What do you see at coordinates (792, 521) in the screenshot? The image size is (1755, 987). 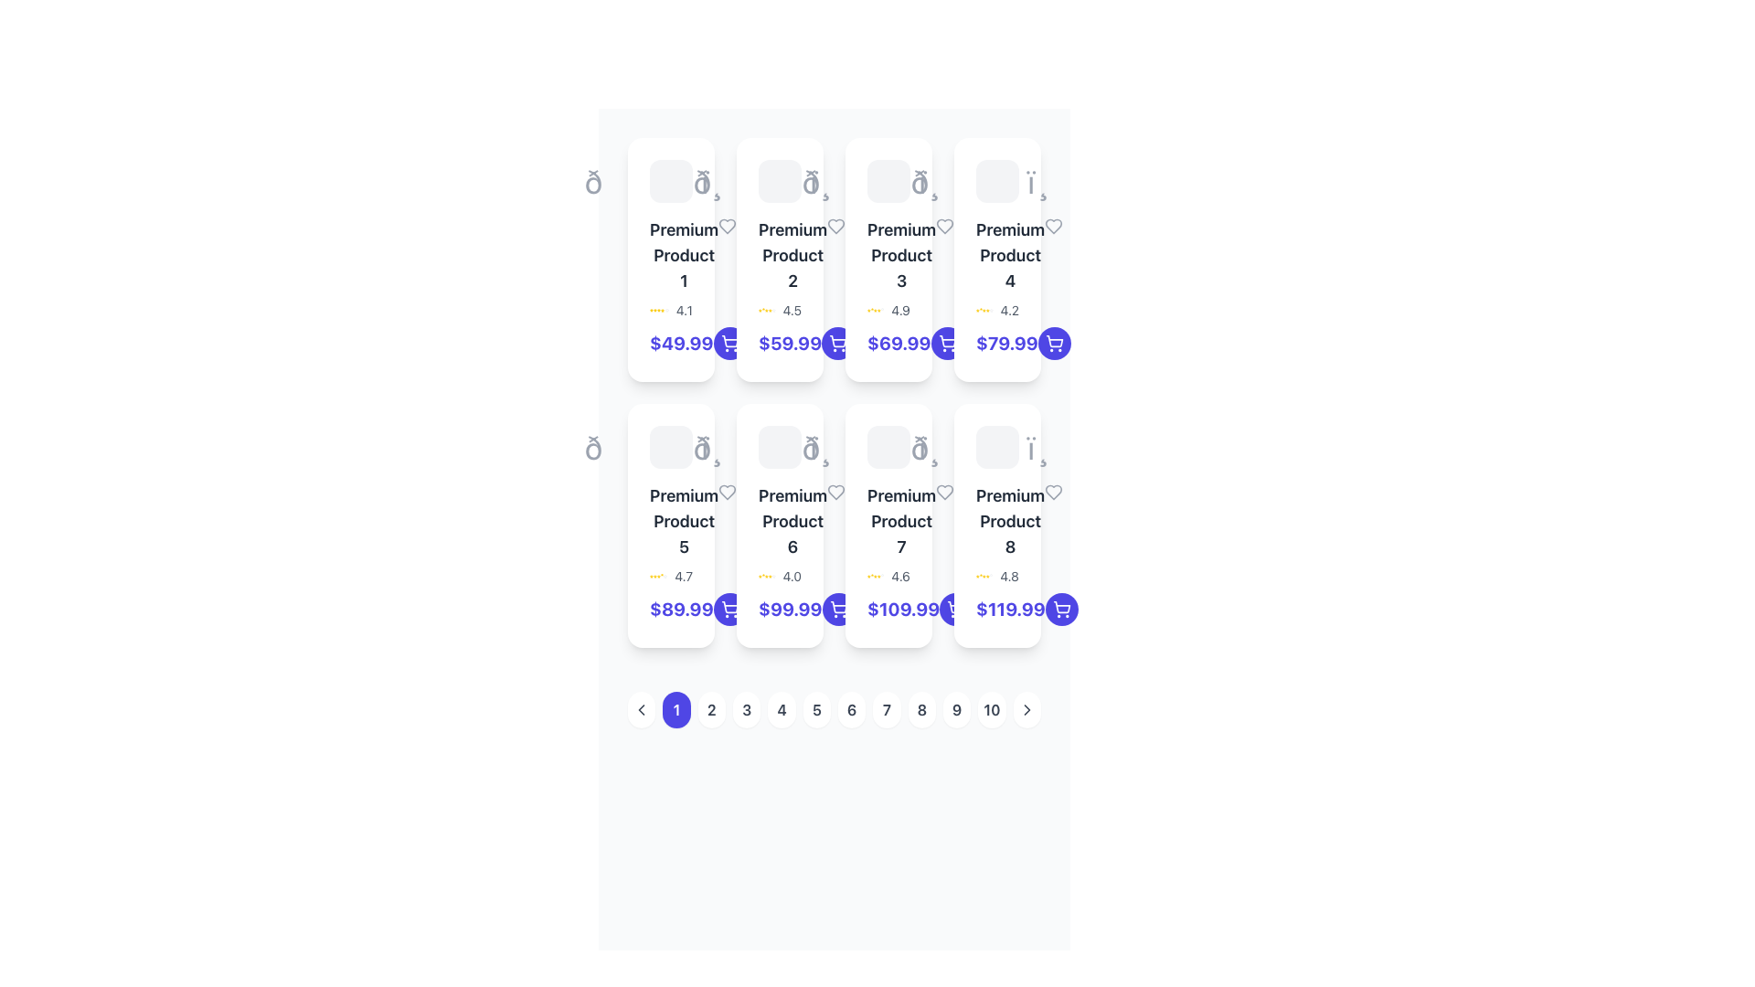 I see `the product name label located in the second row of the product card grid, specifically in the fourth column from the left, which displays the title of the product` at bounding box center [792, 521].